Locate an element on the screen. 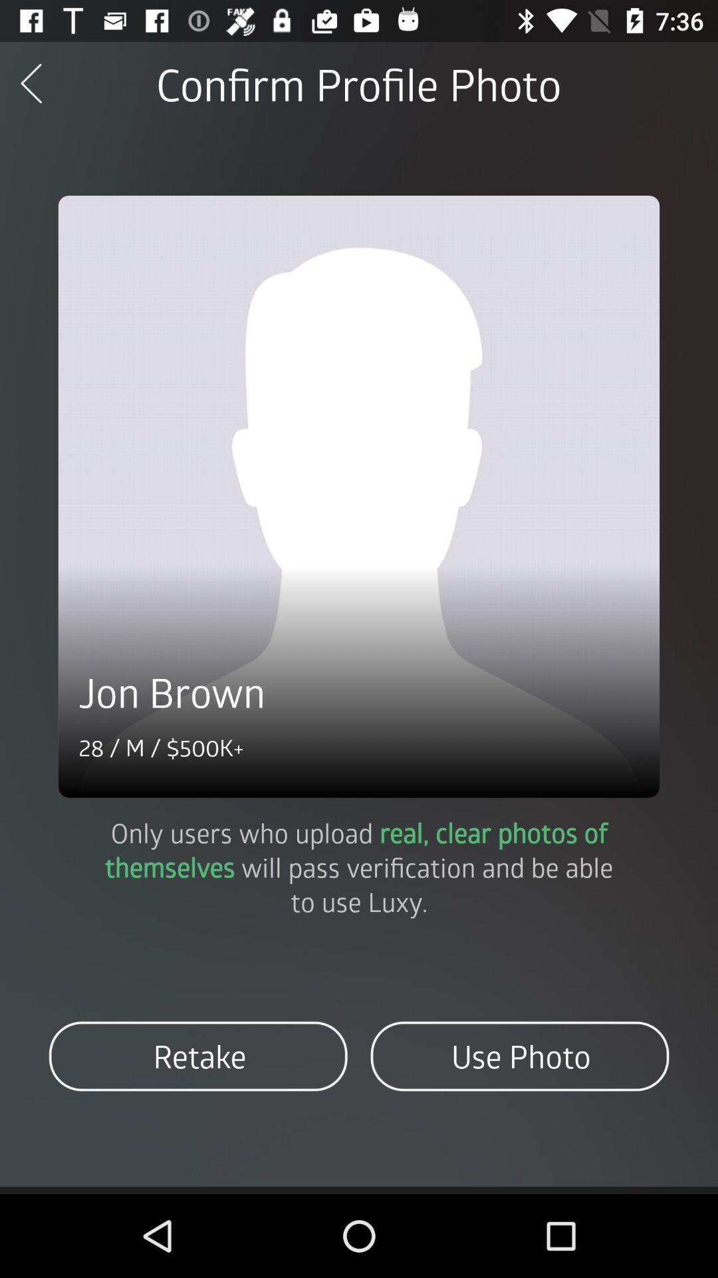 The image size is (718, 1278). retake item is located at coordinates (198, 1056).